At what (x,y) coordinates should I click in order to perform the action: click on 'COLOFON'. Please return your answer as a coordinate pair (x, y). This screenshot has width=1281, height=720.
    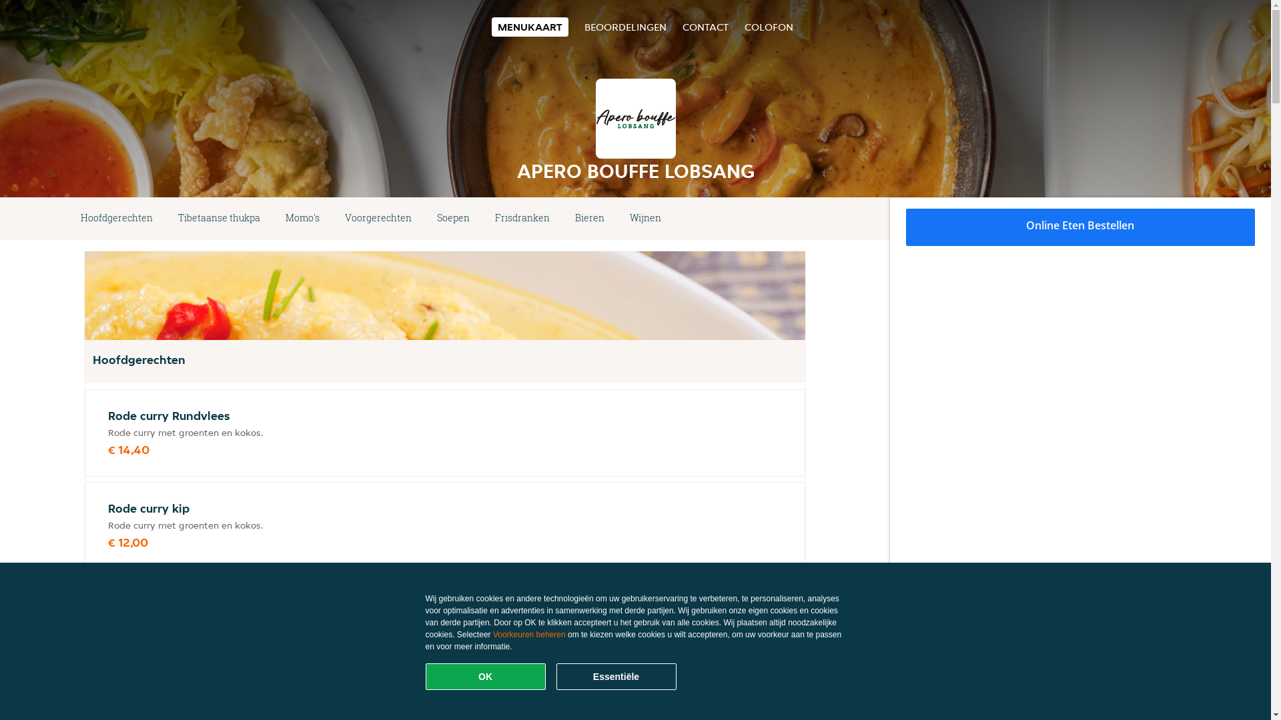
    Looking at the image, I should click on (769, 27).